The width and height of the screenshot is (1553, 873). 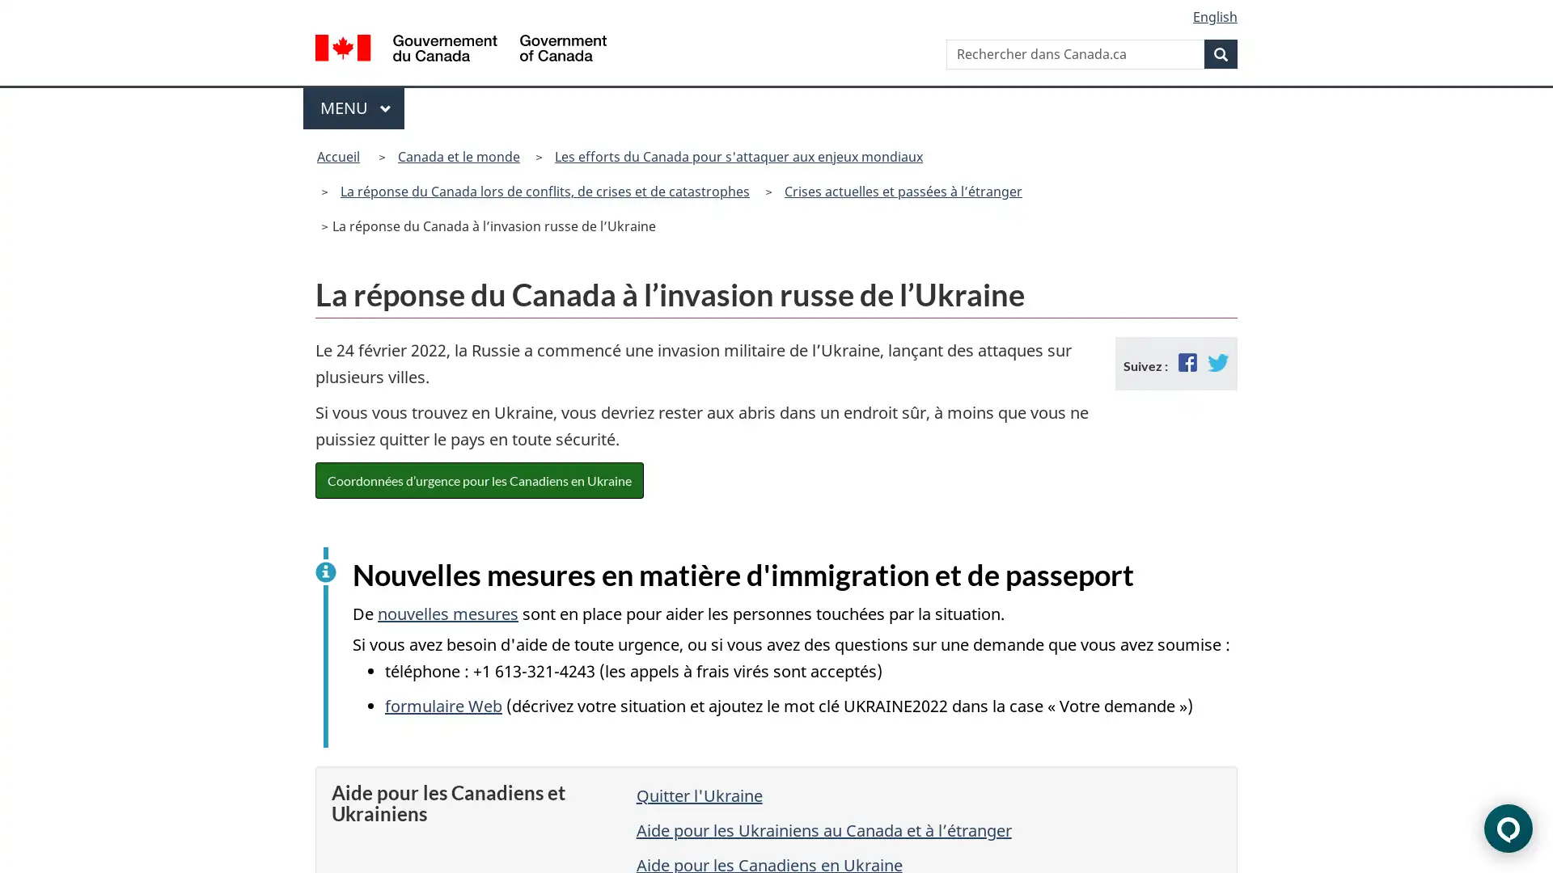 What do you see at coordinates (479, 479) in the screenshot?
I see `Coordonnees durgence pour les Canadiens en Ukraine` at bounding box center [479, 479].